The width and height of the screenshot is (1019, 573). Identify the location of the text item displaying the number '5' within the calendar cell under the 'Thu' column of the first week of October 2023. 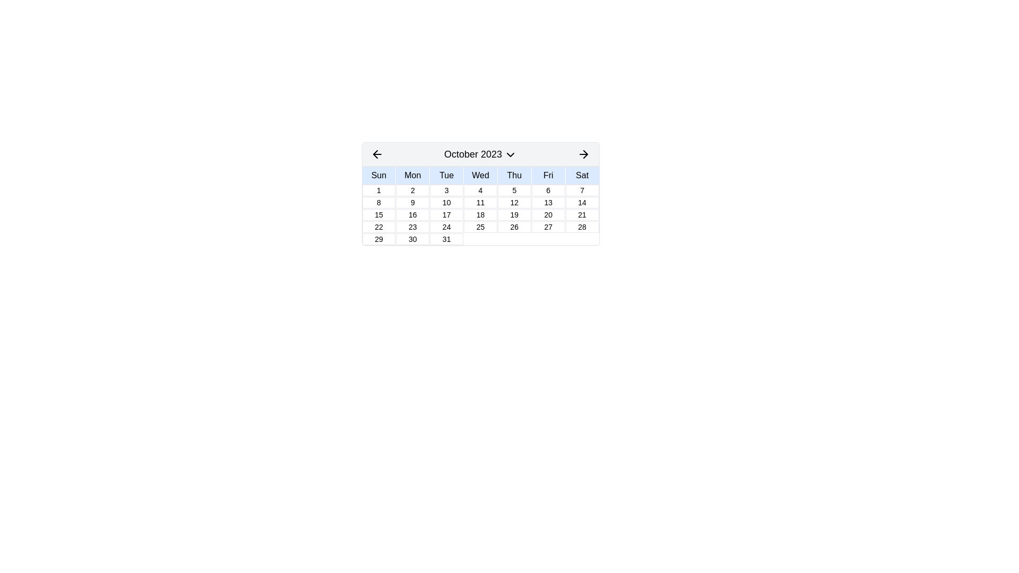
(514, 189).